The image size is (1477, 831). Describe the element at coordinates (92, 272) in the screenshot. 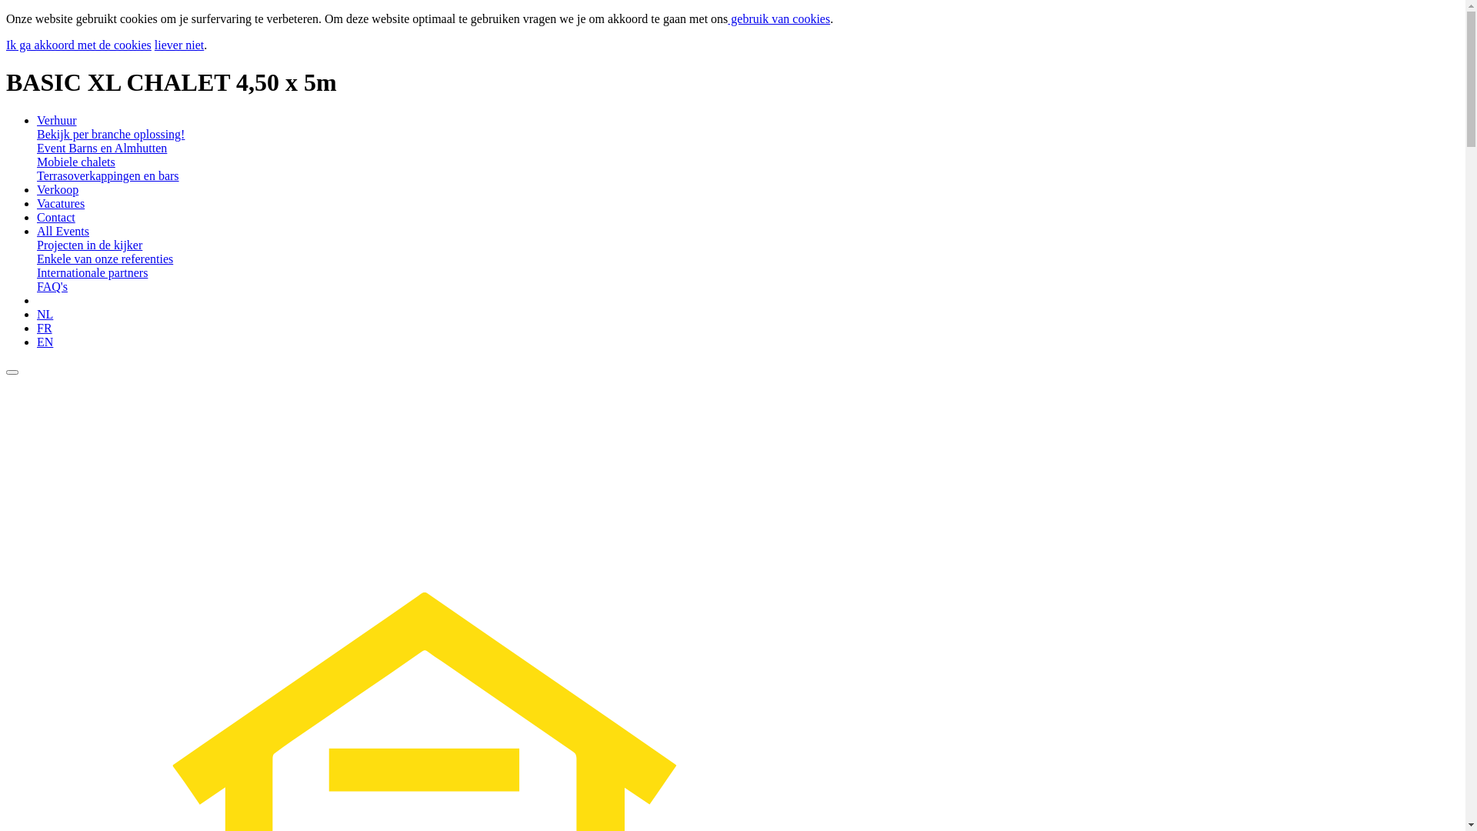

I see `'Internationale partners'` at that location.